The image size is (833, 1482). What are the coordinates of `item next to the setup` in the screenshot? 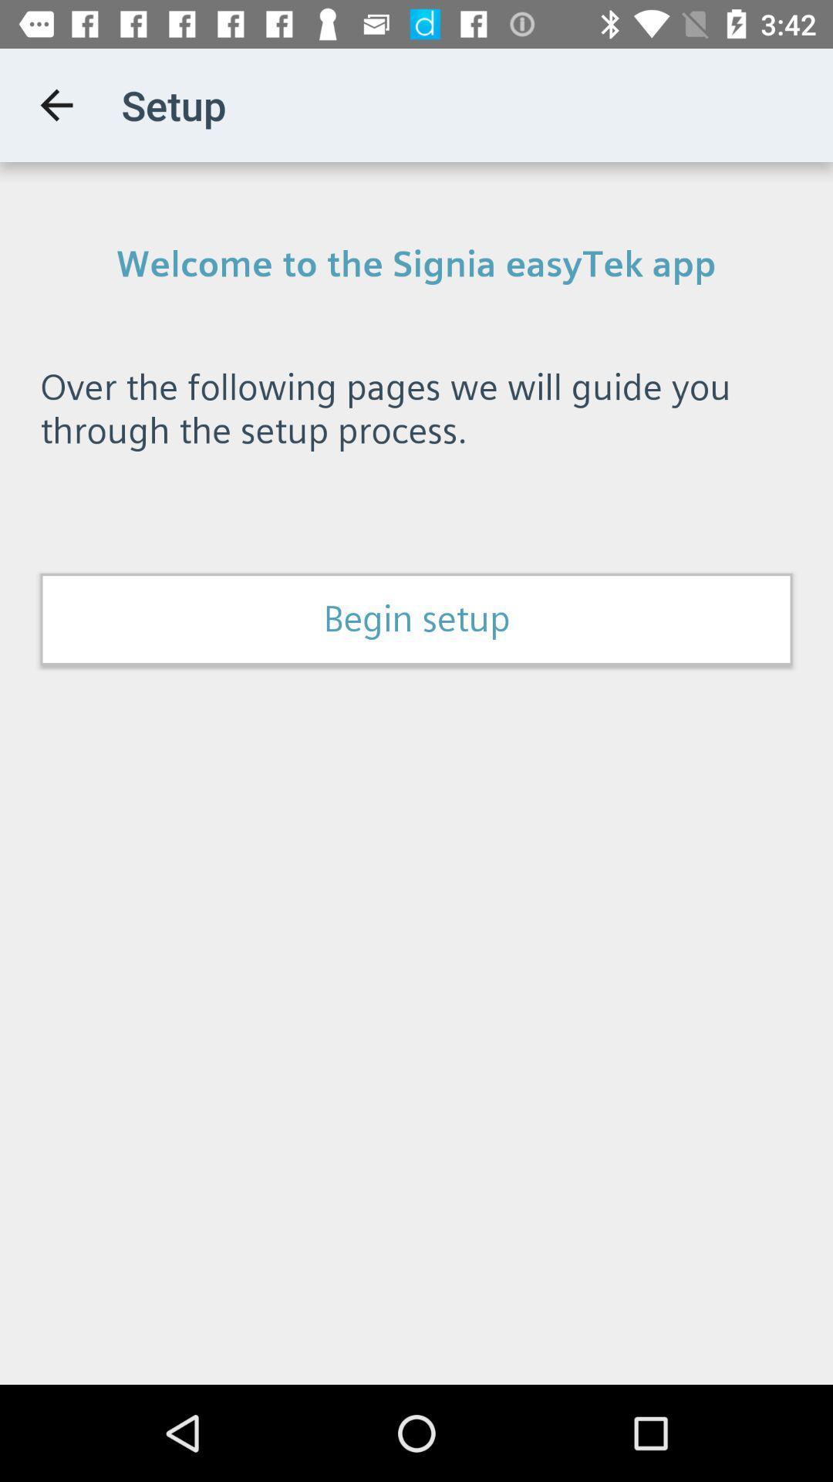 It's located at (56, 104).